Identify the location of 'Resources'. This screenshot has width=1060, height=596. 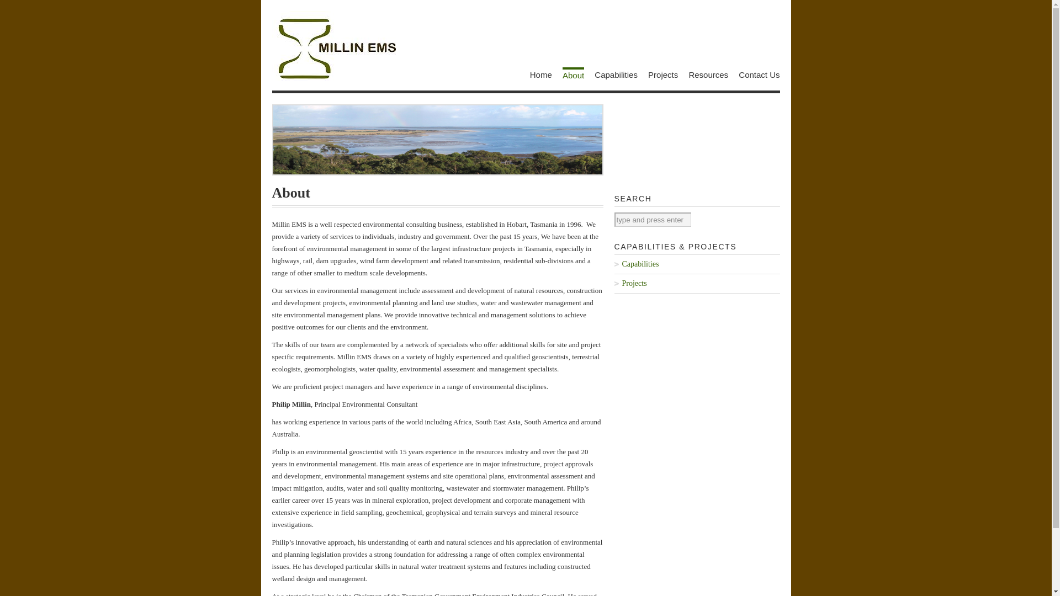
(708, 74).